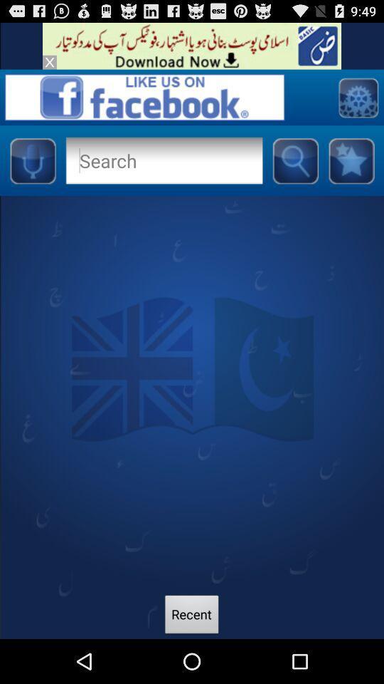  Describe the element at coordinates (163, 160) in the screenshot. I see `search` at that location.